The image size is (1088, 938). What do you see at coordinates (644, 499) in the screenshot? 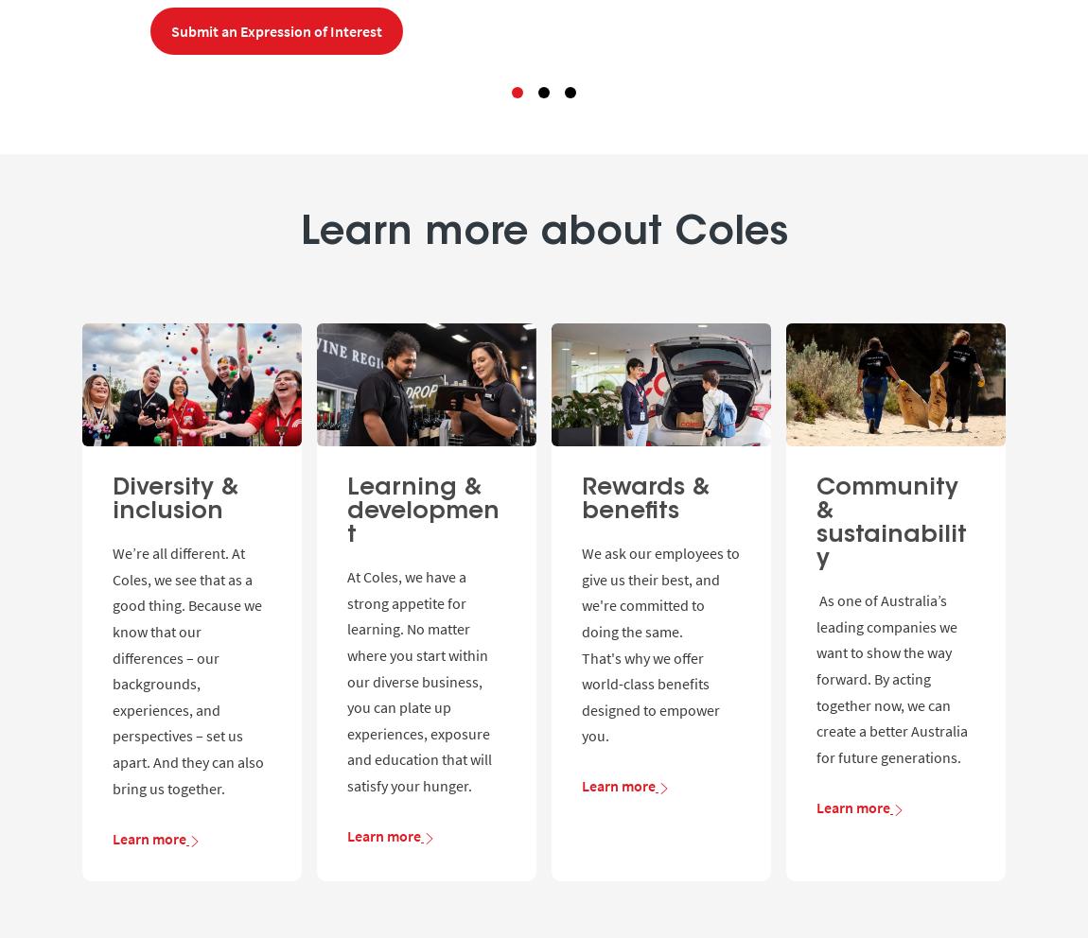
I see `'Rewards & benefits'` at bounding box center [644, 499].